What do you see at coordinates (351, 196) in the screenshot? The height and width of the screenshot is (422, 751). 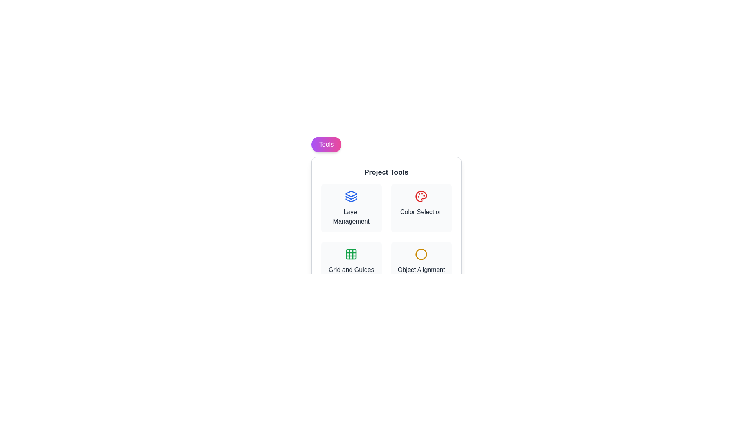 I see `the 'Layer Management' icon located near the top of its containing card above the 'Layer Management' text in the first row of icons` at bounding box center [351, 196].